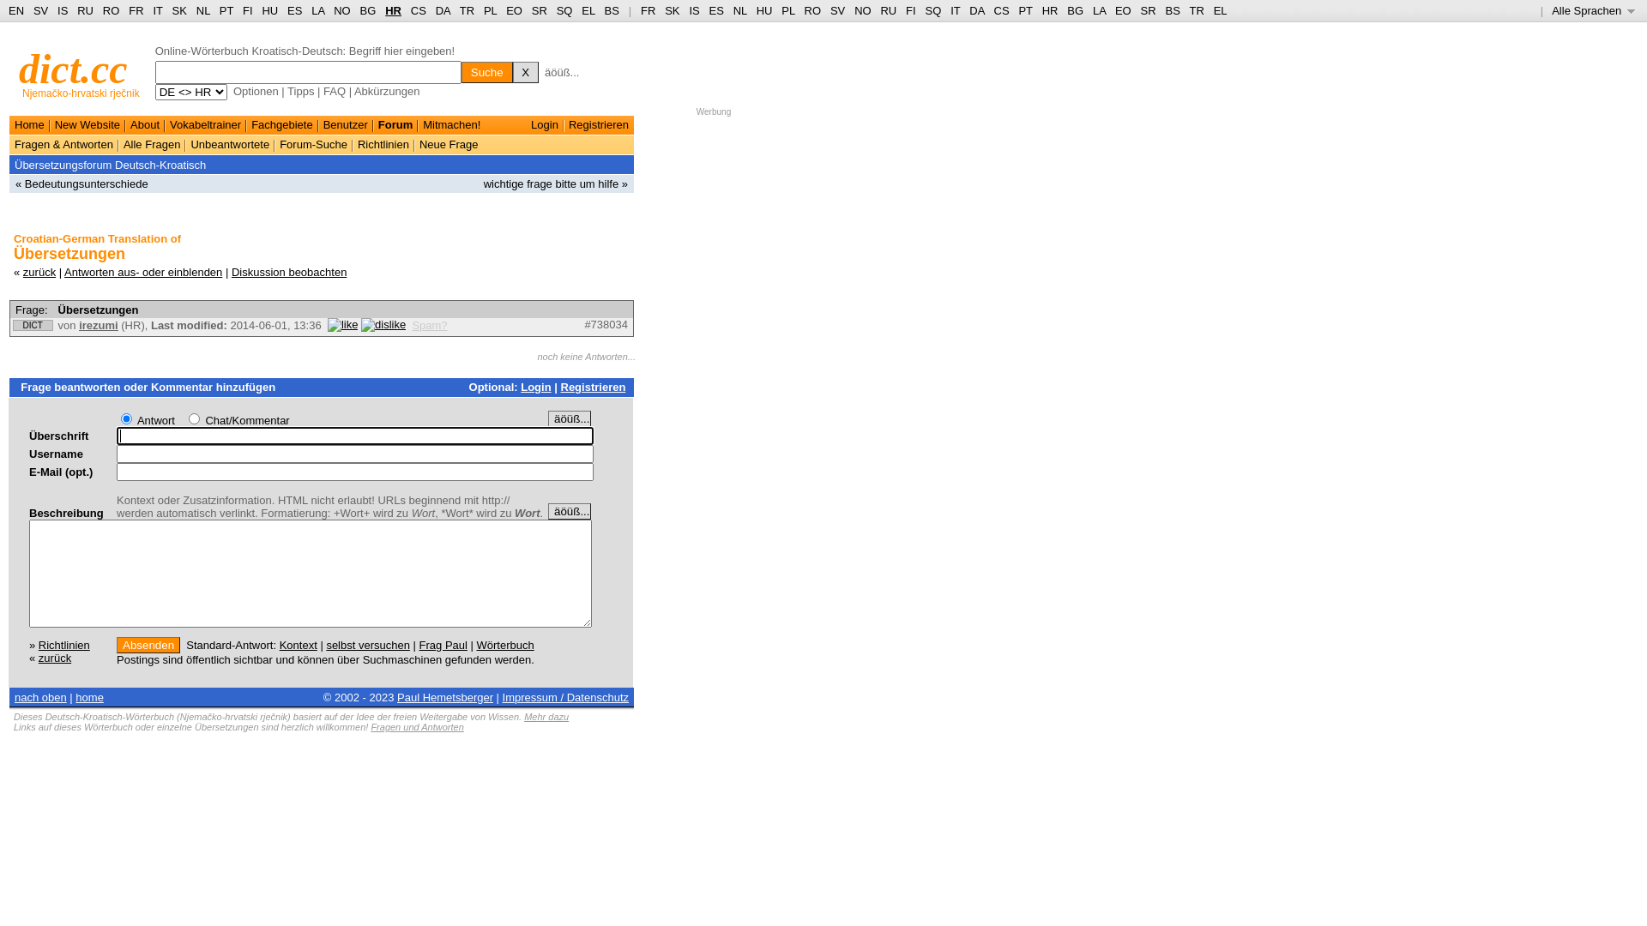  What do you see at coordinates (467, 10) in the screenshot?
I see `'TR'` at bounding box center [467, 10].